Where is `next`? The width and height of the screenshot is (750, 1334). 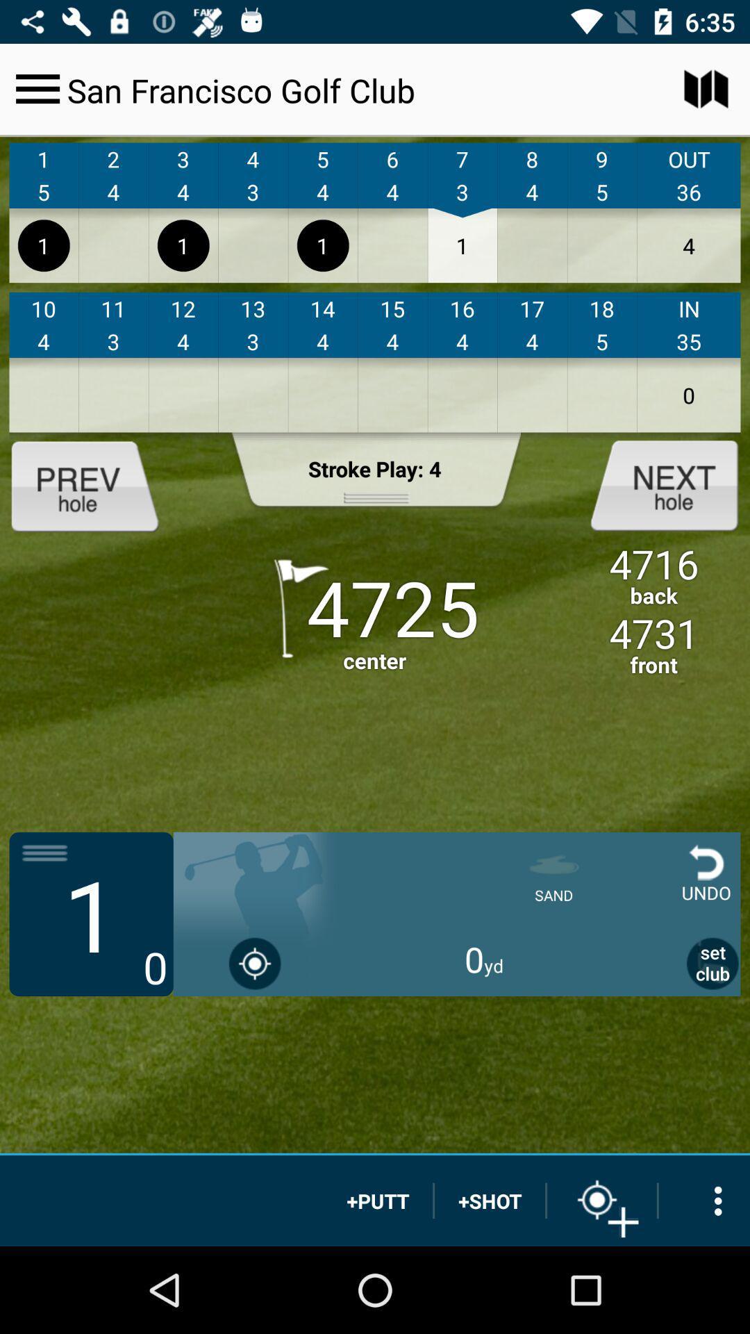 next is located at coordinates (653, 484).